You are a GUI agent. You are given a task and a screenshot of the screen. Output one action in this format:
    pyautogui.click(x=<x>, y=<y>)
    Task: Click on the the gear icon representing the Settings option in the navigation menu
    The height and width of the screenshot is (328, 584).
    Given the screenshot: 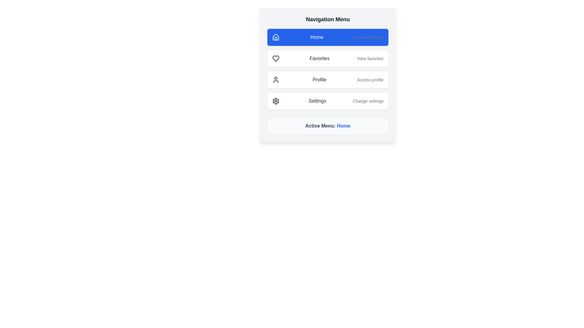 What is the action you would take?
    pyautogui.click(x=276, y=101)
    